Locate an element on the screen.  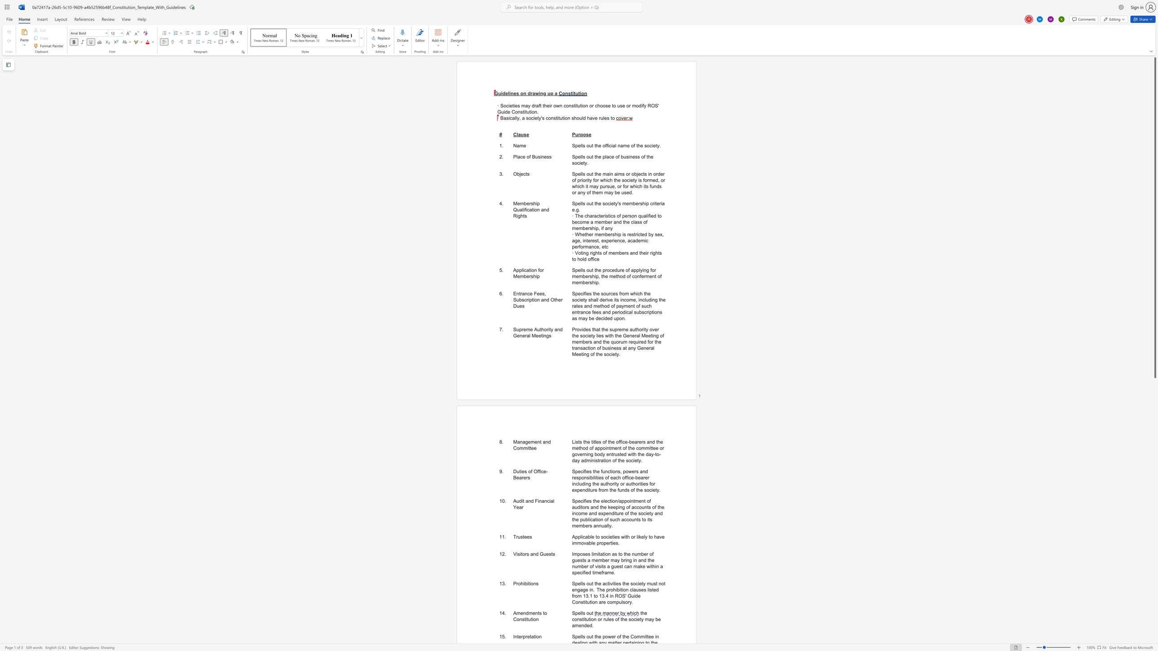
the subset text "cation for" within the text "Application for Membership" is located at coordinates (523, 270).